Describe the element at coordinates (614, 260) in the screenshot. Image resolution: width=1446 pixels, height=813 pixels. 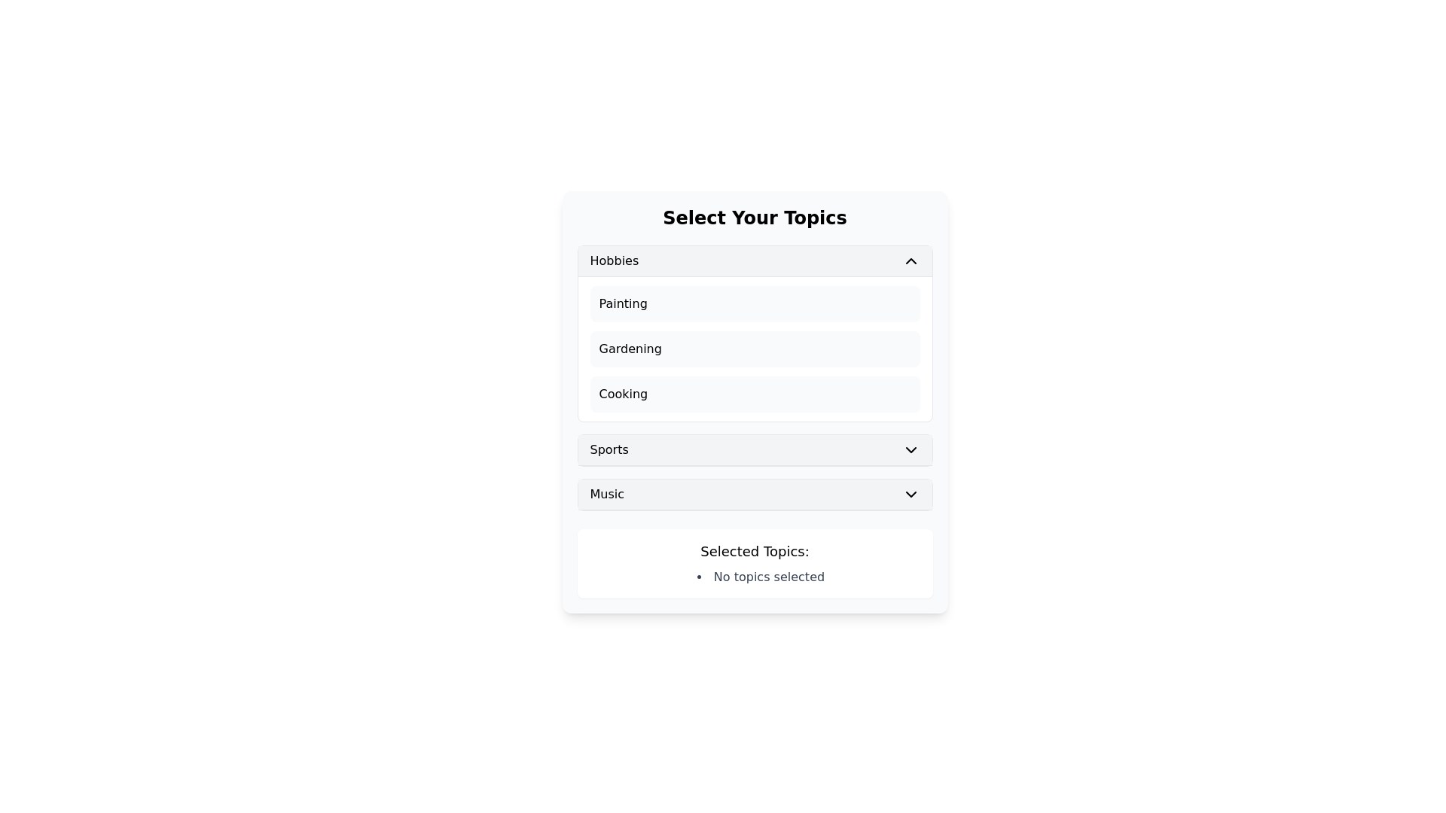
I see `the text label displaying 'Hobbies' in black font color located at the top left of a collapsible panel with a light gray background` at that location.